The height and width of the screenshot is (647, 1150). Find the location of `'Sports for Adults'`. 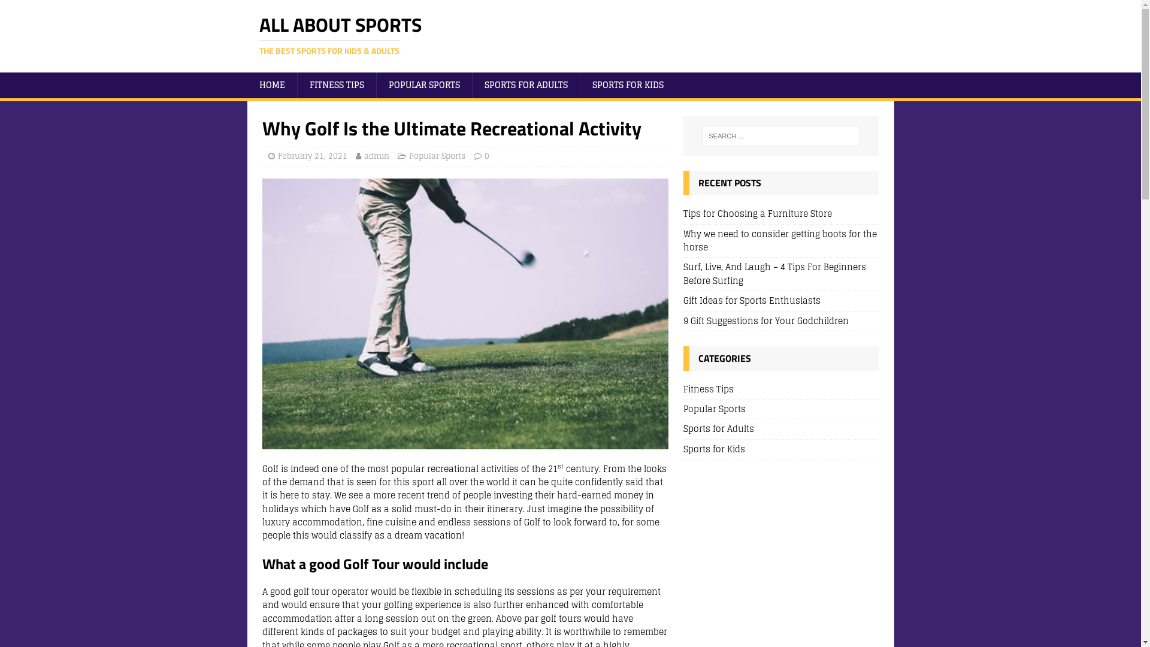

'Sports for Adults' is located at coordinates (781, 428).